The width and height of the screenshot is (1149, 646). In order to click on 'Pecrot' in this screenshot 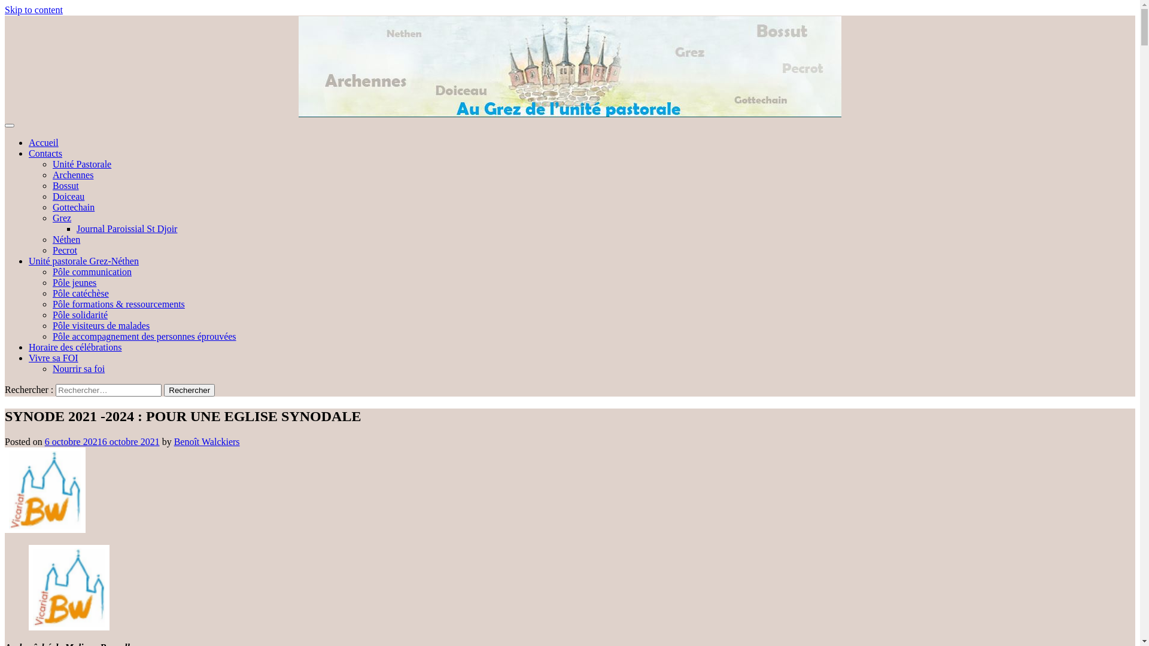, I will do `click(64, 249)`.